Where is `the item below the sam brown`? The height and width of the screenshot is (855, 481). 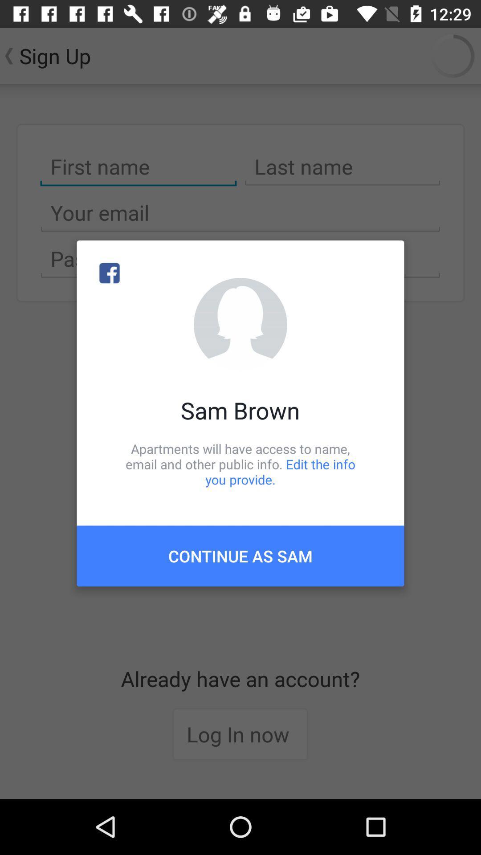 the item below the sam brown is located at coordinates (240, 464).